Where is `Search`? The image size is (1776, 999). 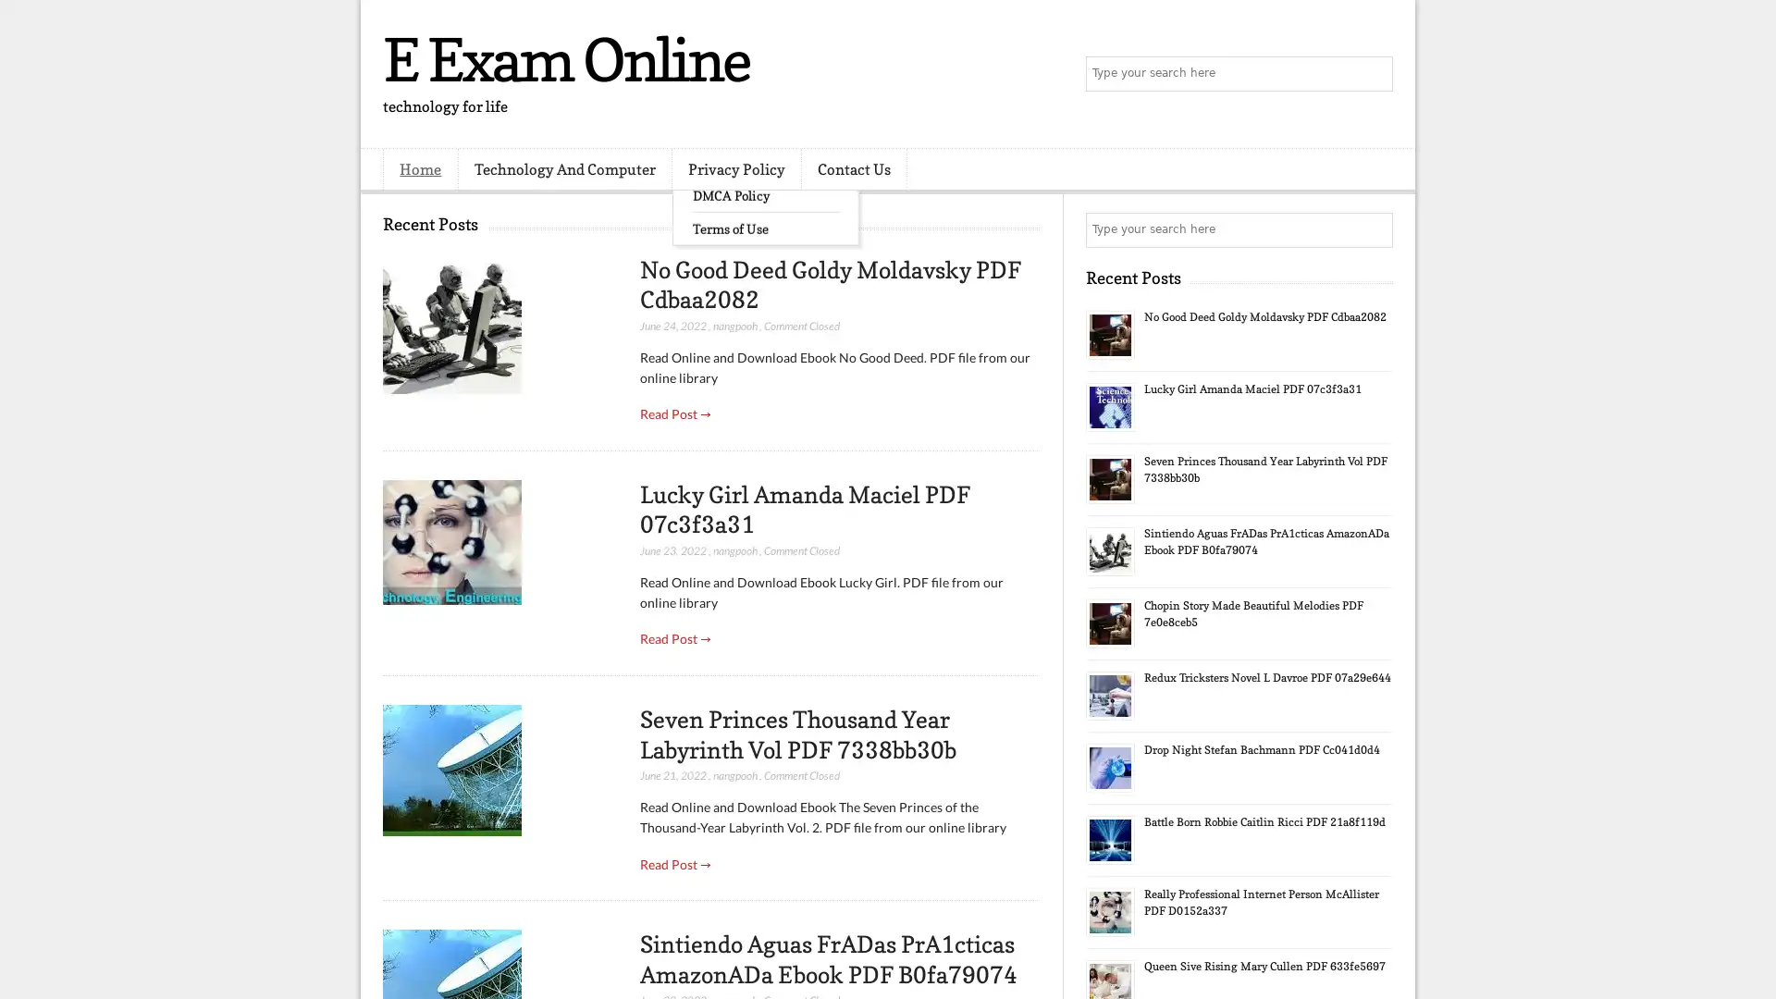 Search is located at coordinates (1374, 229).